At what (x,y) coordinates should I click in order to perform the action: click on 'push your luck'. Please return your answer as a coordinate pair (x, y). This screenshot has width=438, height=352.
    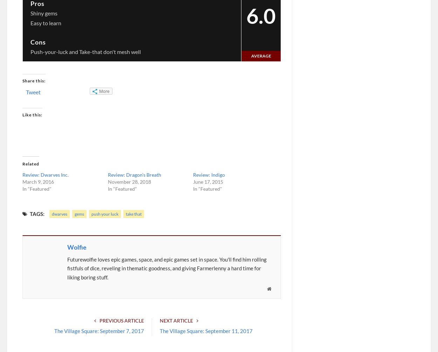
    Looking at the image, I should click on (105, 214).